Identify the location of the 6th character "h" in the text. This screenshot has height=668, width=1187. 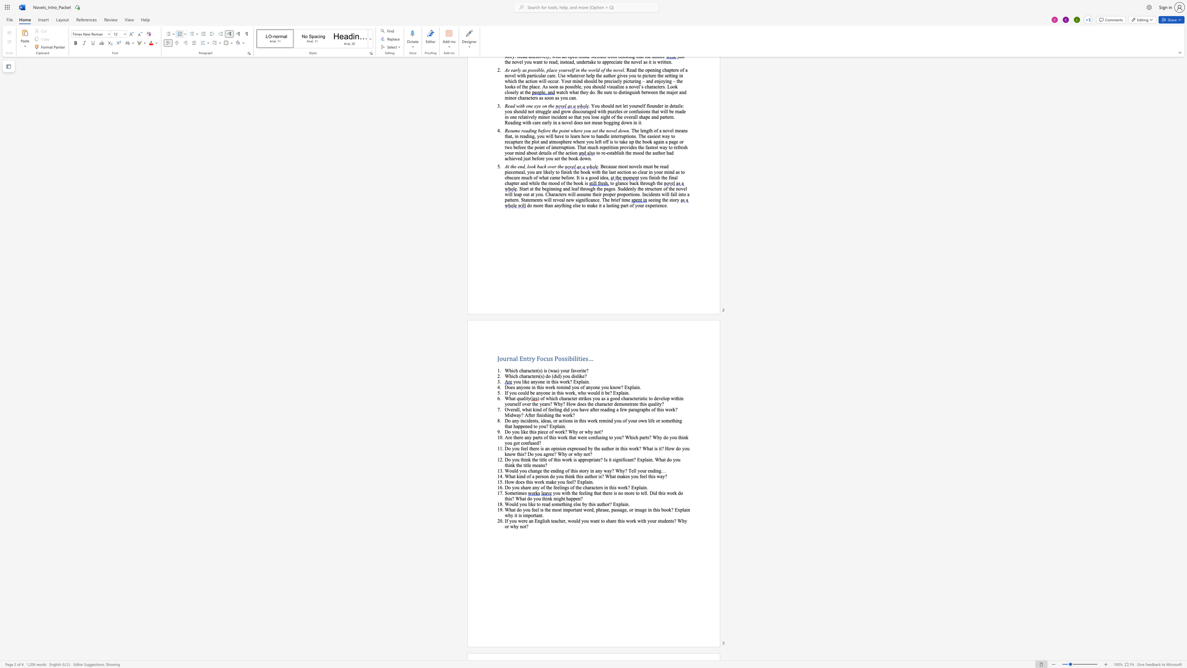
(651, 476).